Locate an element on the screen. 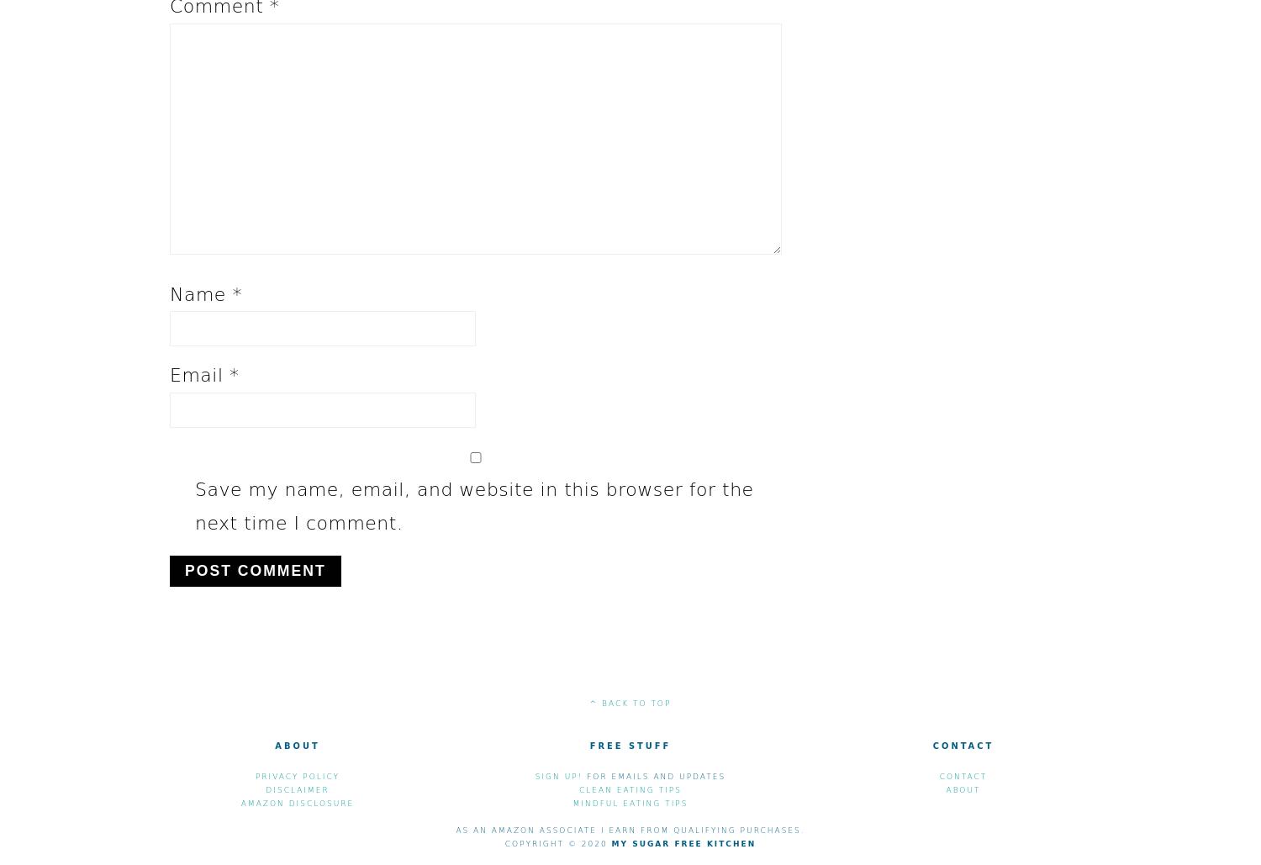 The height and width of the screenshot is (865, 1261). '^ back to top' is located at coordinates (629, 701).